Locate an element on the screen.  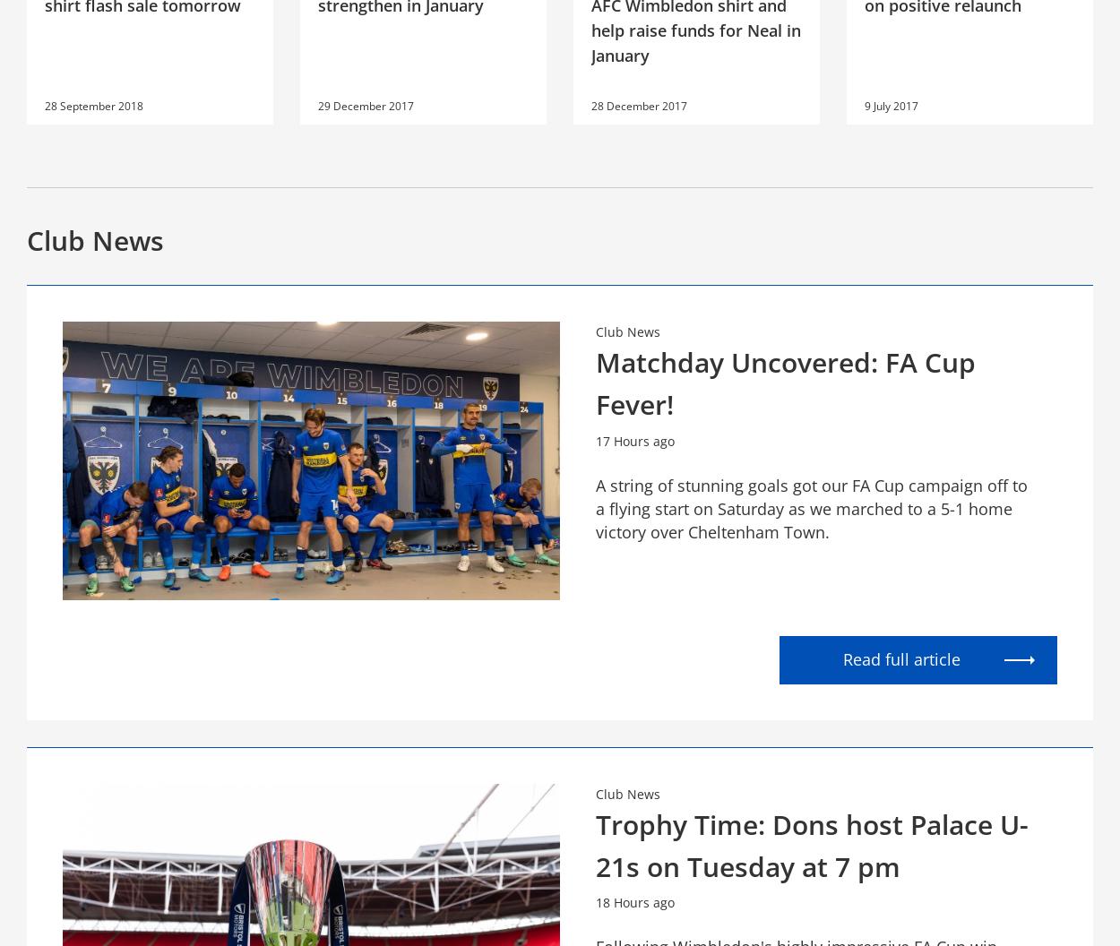
'28 December 2017' is located at coordinates (638, 104).